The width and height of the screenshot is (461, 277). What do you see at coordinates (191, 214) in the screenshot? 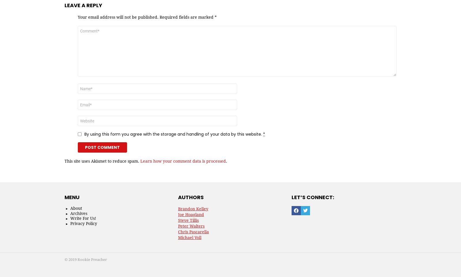
I see `'Joe Hoagland'` at bounding box center [191, 214].